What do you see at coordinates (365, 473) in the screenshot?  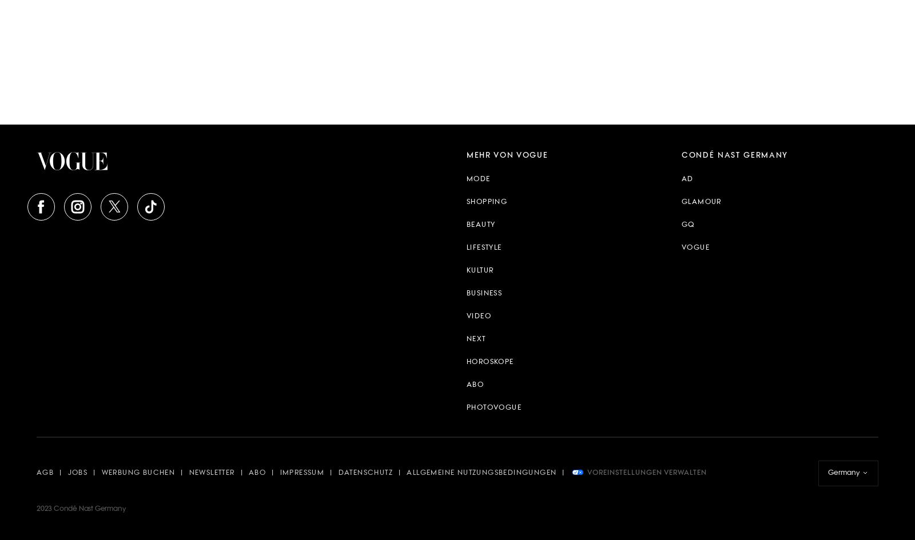 I see `'Datenschutz'` at bounding box center [365, 473].